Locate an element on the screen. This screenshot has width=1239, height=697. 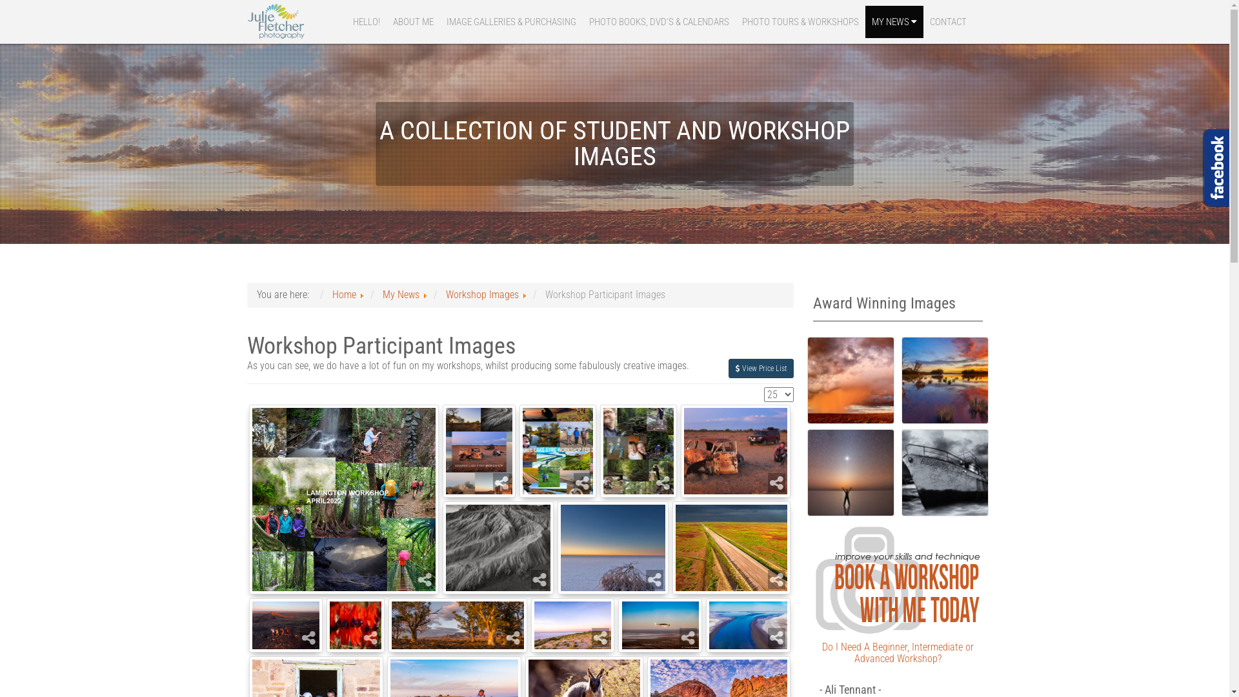
'PHOTO BOOKS, DVD'S & CALENDARS' is located at coordinates (658, 22).